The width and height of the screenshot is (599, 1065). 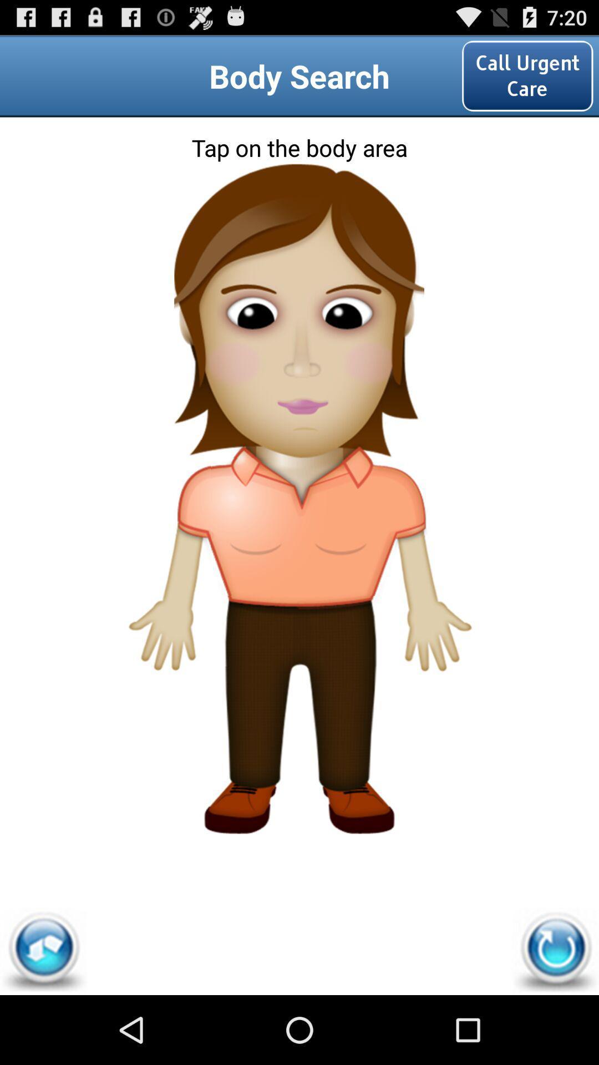 I want to click on the call urgent care icon, so click(x=527, y=75).